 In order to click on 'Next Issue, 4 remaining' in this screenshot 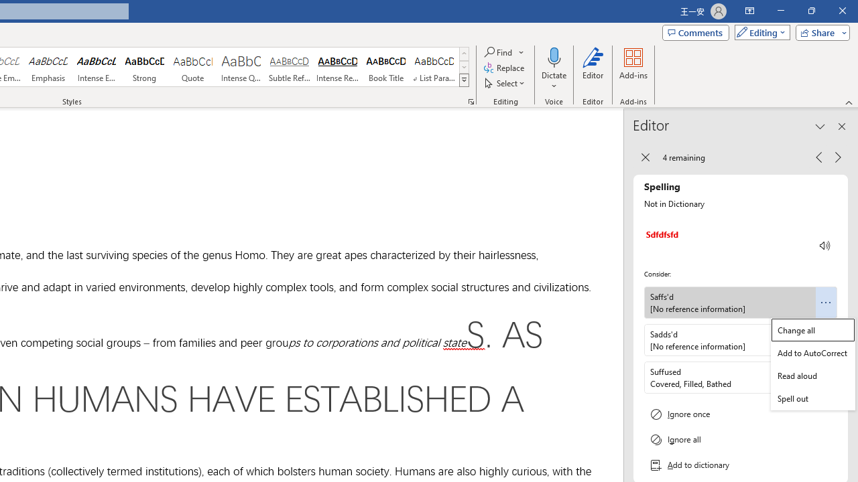, I will do `click(837, 156)`.